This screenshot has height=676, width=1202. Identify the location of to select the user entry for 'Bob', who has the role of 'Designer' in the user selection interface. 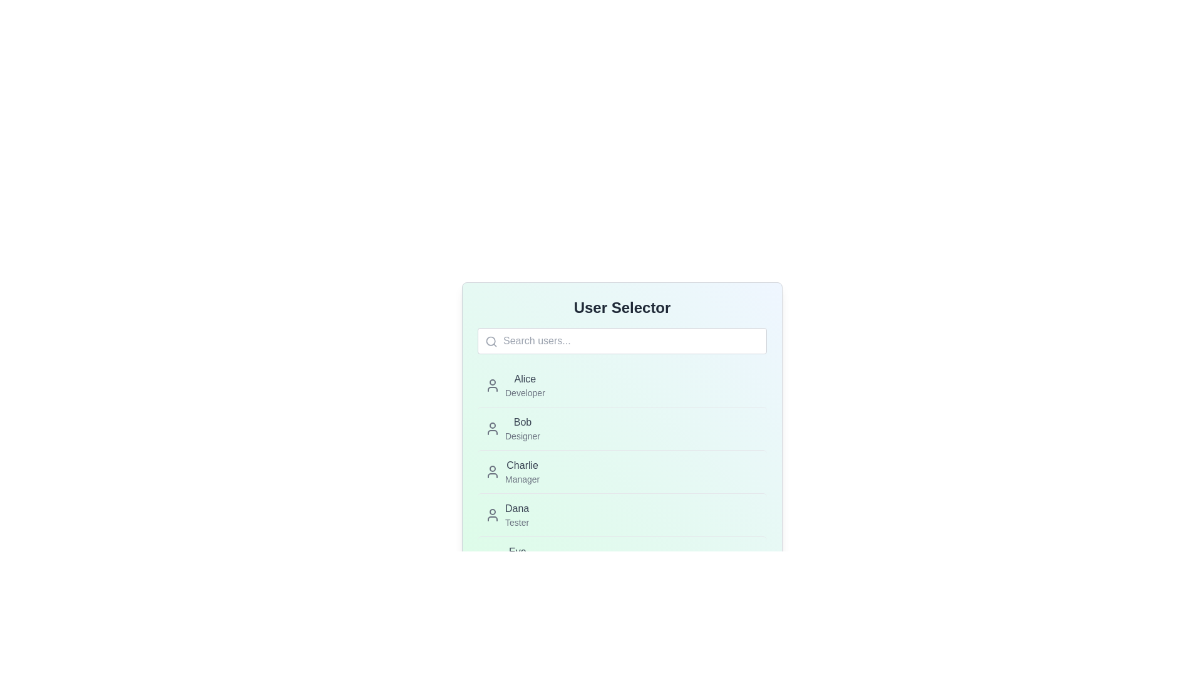
(513, 428).